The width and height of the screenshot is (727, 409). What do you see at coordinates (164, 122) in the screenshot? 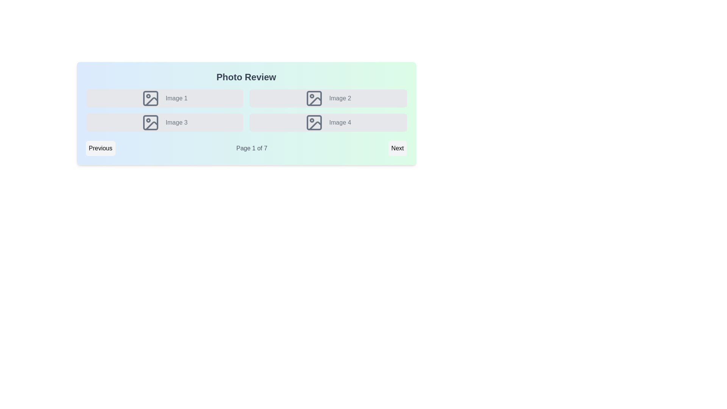
I see `the card labeled 'Image 3'` at bounding box center [164, 122].